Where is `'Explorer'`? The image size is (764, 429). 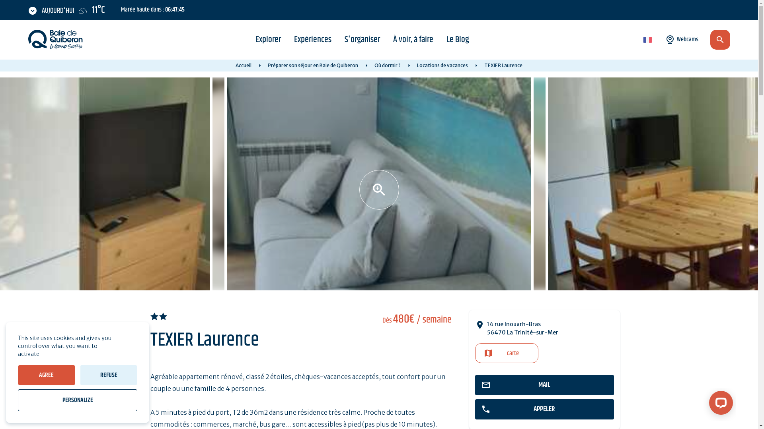
'Explorer' is located at coordinates (268, 40).